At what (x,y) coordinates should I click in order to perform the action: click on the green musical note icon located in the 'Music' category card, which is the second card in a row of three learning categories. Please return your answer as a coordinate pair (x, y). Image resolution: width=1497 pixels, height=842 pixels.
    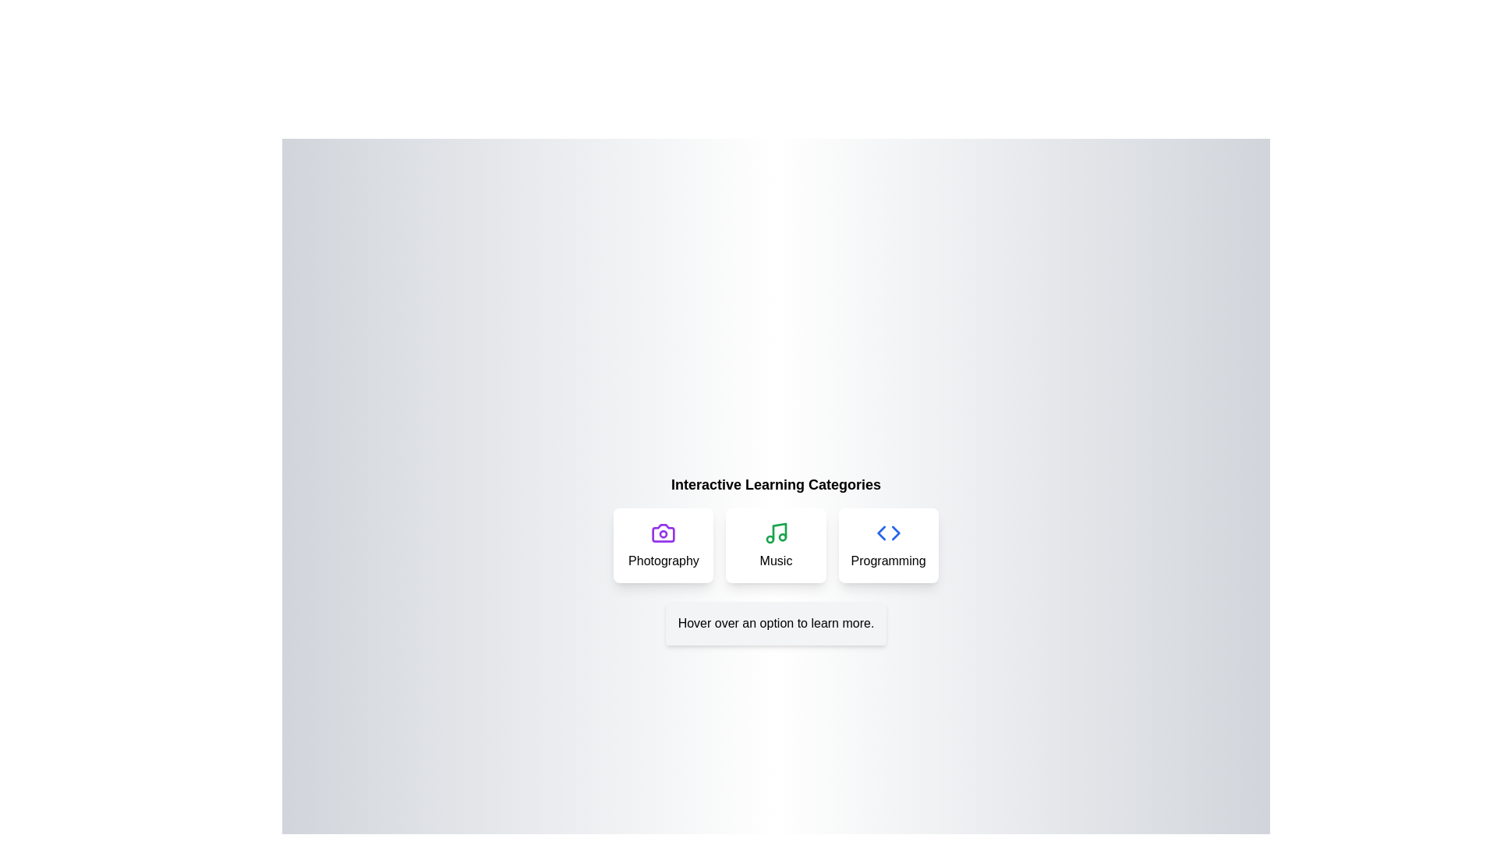
    Looking at the image, I should click on (776, 532).